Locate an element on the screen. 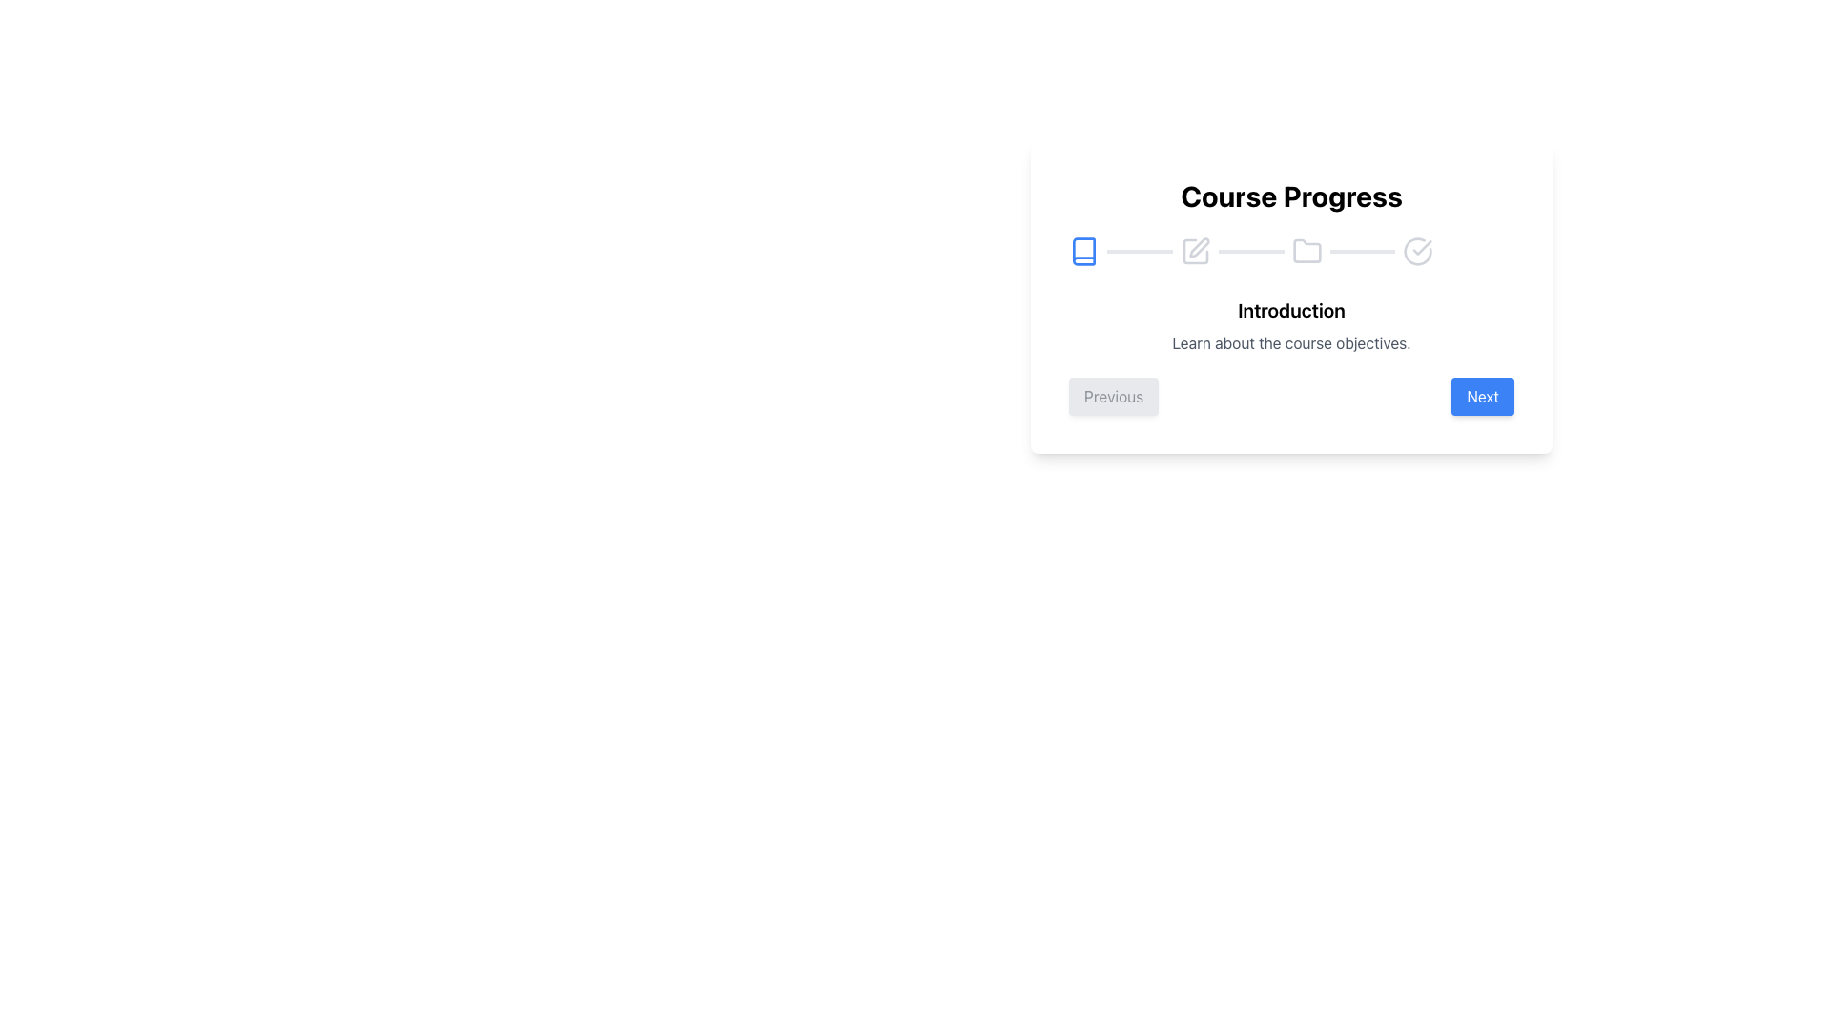 This screenshot has height=1030, width=1831. the icon representing the current step in the course progression, located in the second position of the 'Course Progress' horizontal stepper, to highlight its significance is located at coordinates (1194, 250).